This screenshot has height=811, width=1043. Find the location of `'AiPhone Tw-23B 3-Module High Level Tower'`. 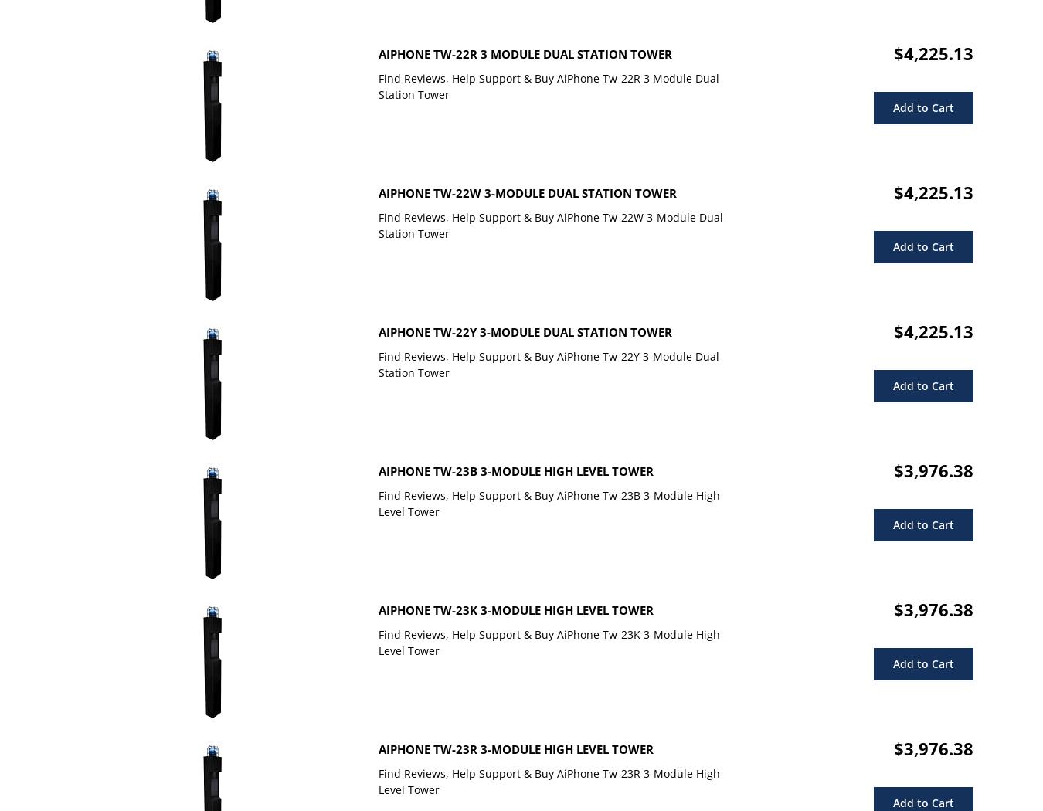

'AiPhone Tw-23B 3-Module High Level Tower' is located at coordinates (515, 471).